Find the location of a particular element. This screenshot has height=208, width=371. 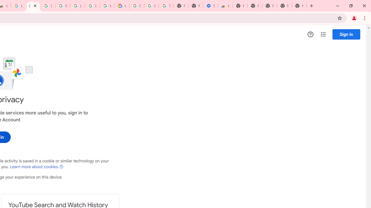

'Chrome Web Store - Accessibility extensions' is located at coordinates (225, 6).